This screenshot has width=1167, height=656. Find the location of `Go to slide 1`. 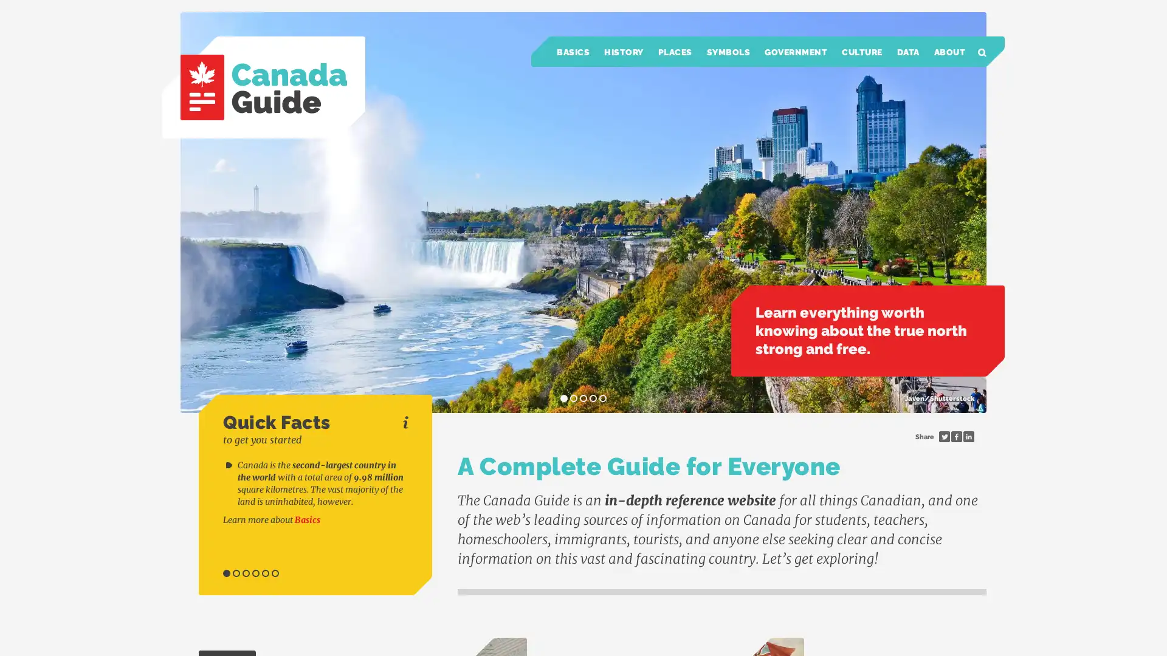

Go to slide 1 is located at coordinates (227, 573).